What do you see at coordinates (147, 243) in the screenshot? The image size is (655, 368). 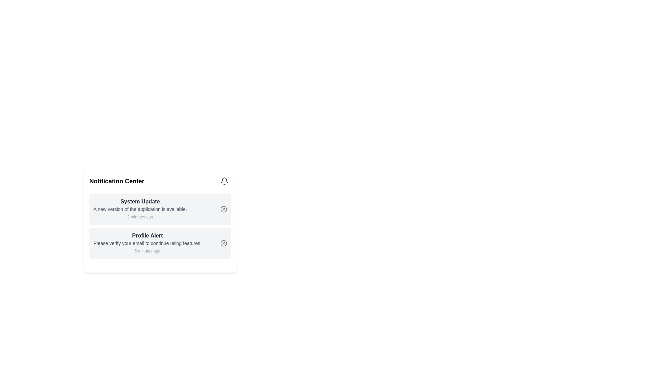 I see `the text label that reads 'Please verify your email to continue using features.', which is styled in gray and positioned below the 'Profile Alert' title` at bounding box center [147, 243].